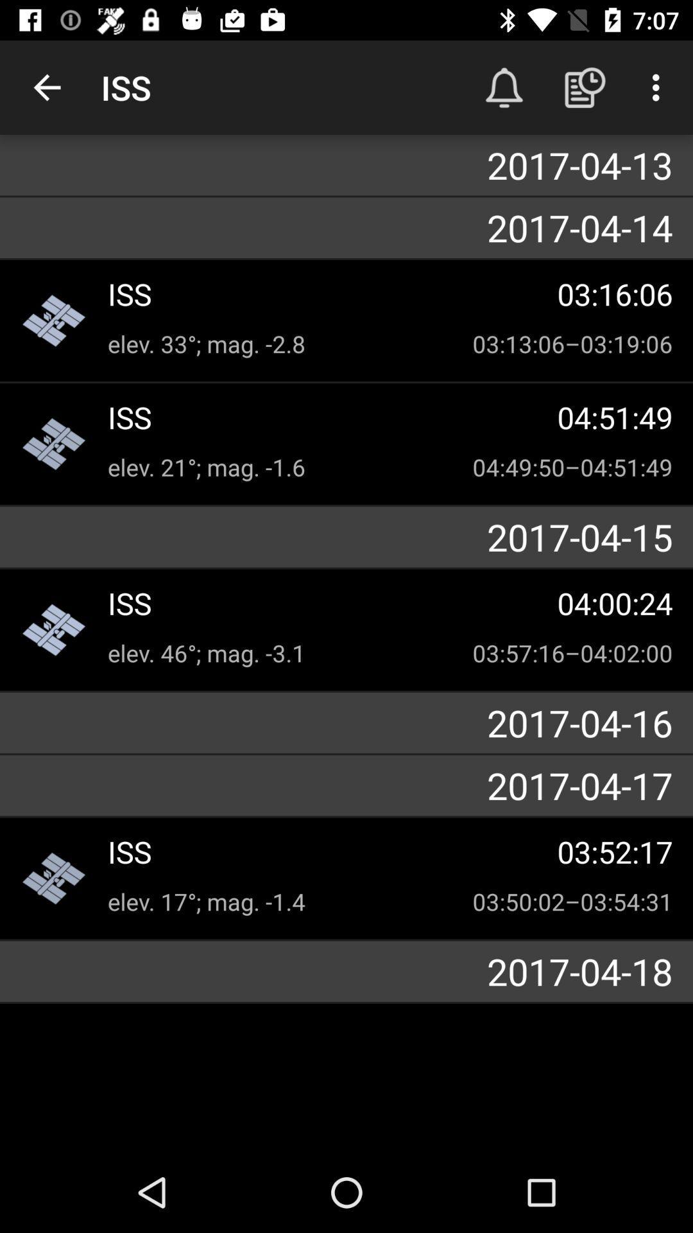 The height and width of the screenshot is (1233, 693). I want to click on icon above 2017-04-13 item, so click(659, 87).